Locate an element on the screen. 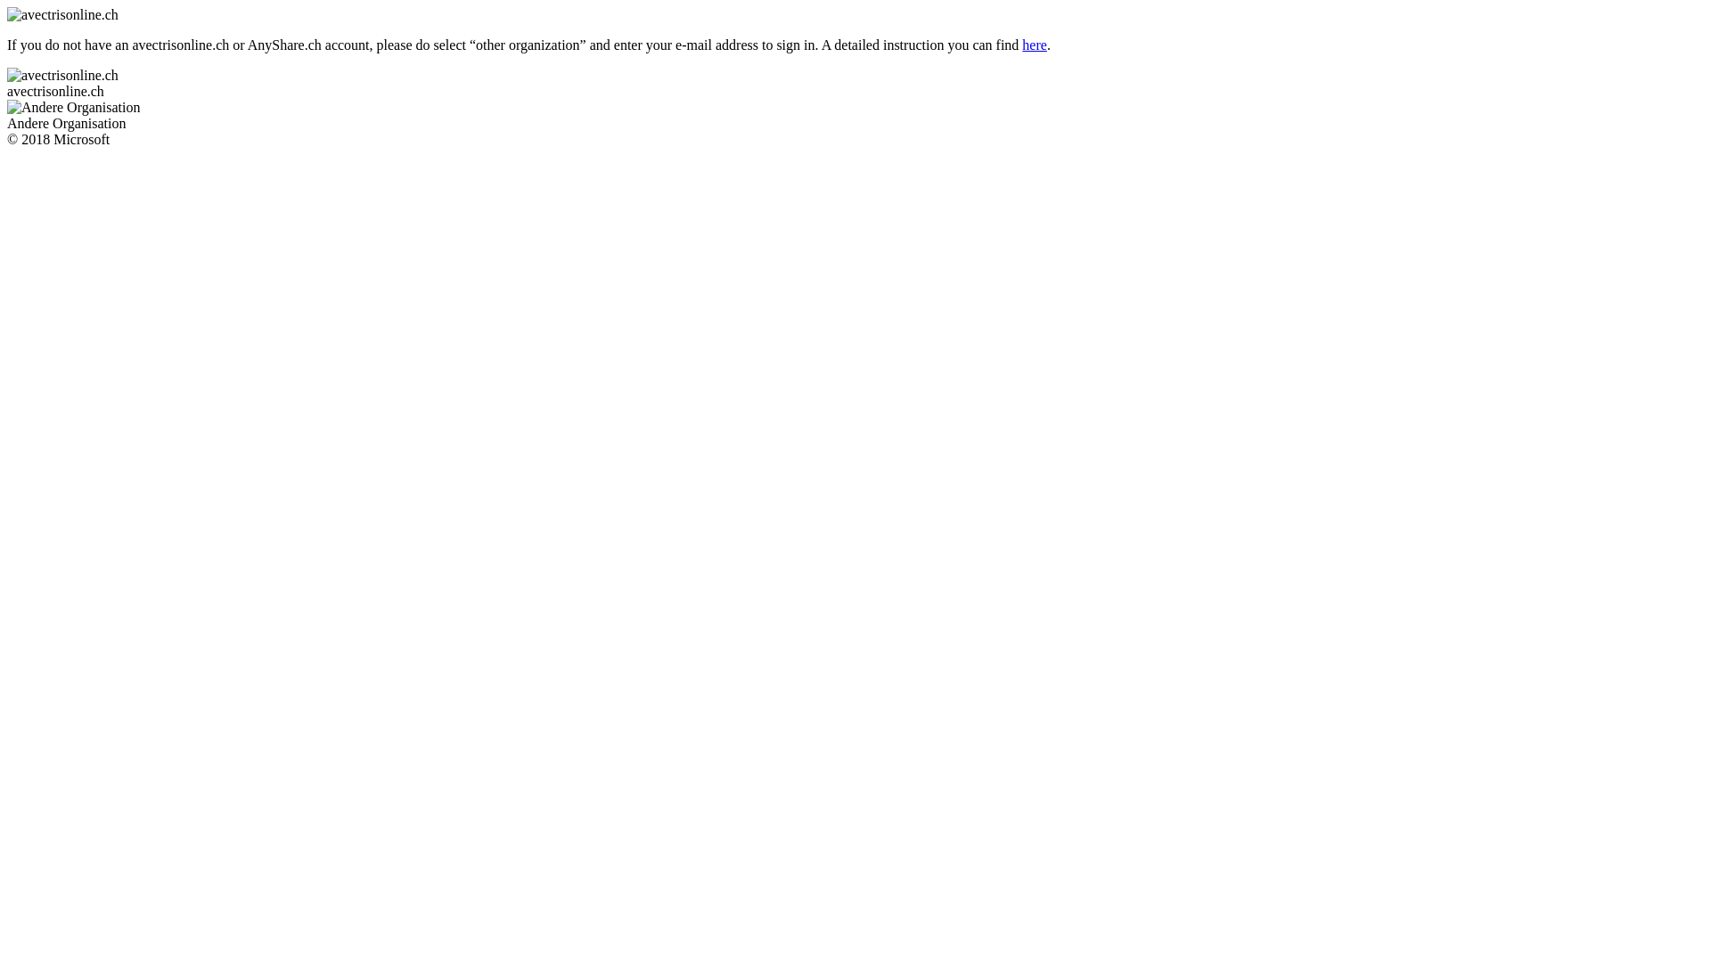 The height and width of the screenshot is (962, 1711). 'here' is located at coordinates (1035, 44).